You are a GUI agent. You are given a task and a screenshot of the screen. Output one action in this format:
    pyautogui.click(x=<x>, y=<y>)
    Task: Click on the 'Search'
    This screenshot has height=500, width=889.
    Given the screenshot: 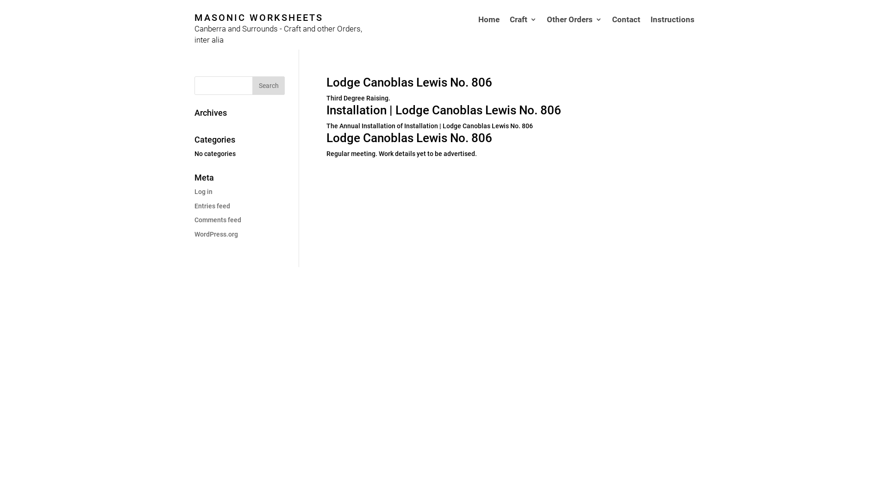 What is the action you would take?
    pyautogui.click(x=268, y=86)
    